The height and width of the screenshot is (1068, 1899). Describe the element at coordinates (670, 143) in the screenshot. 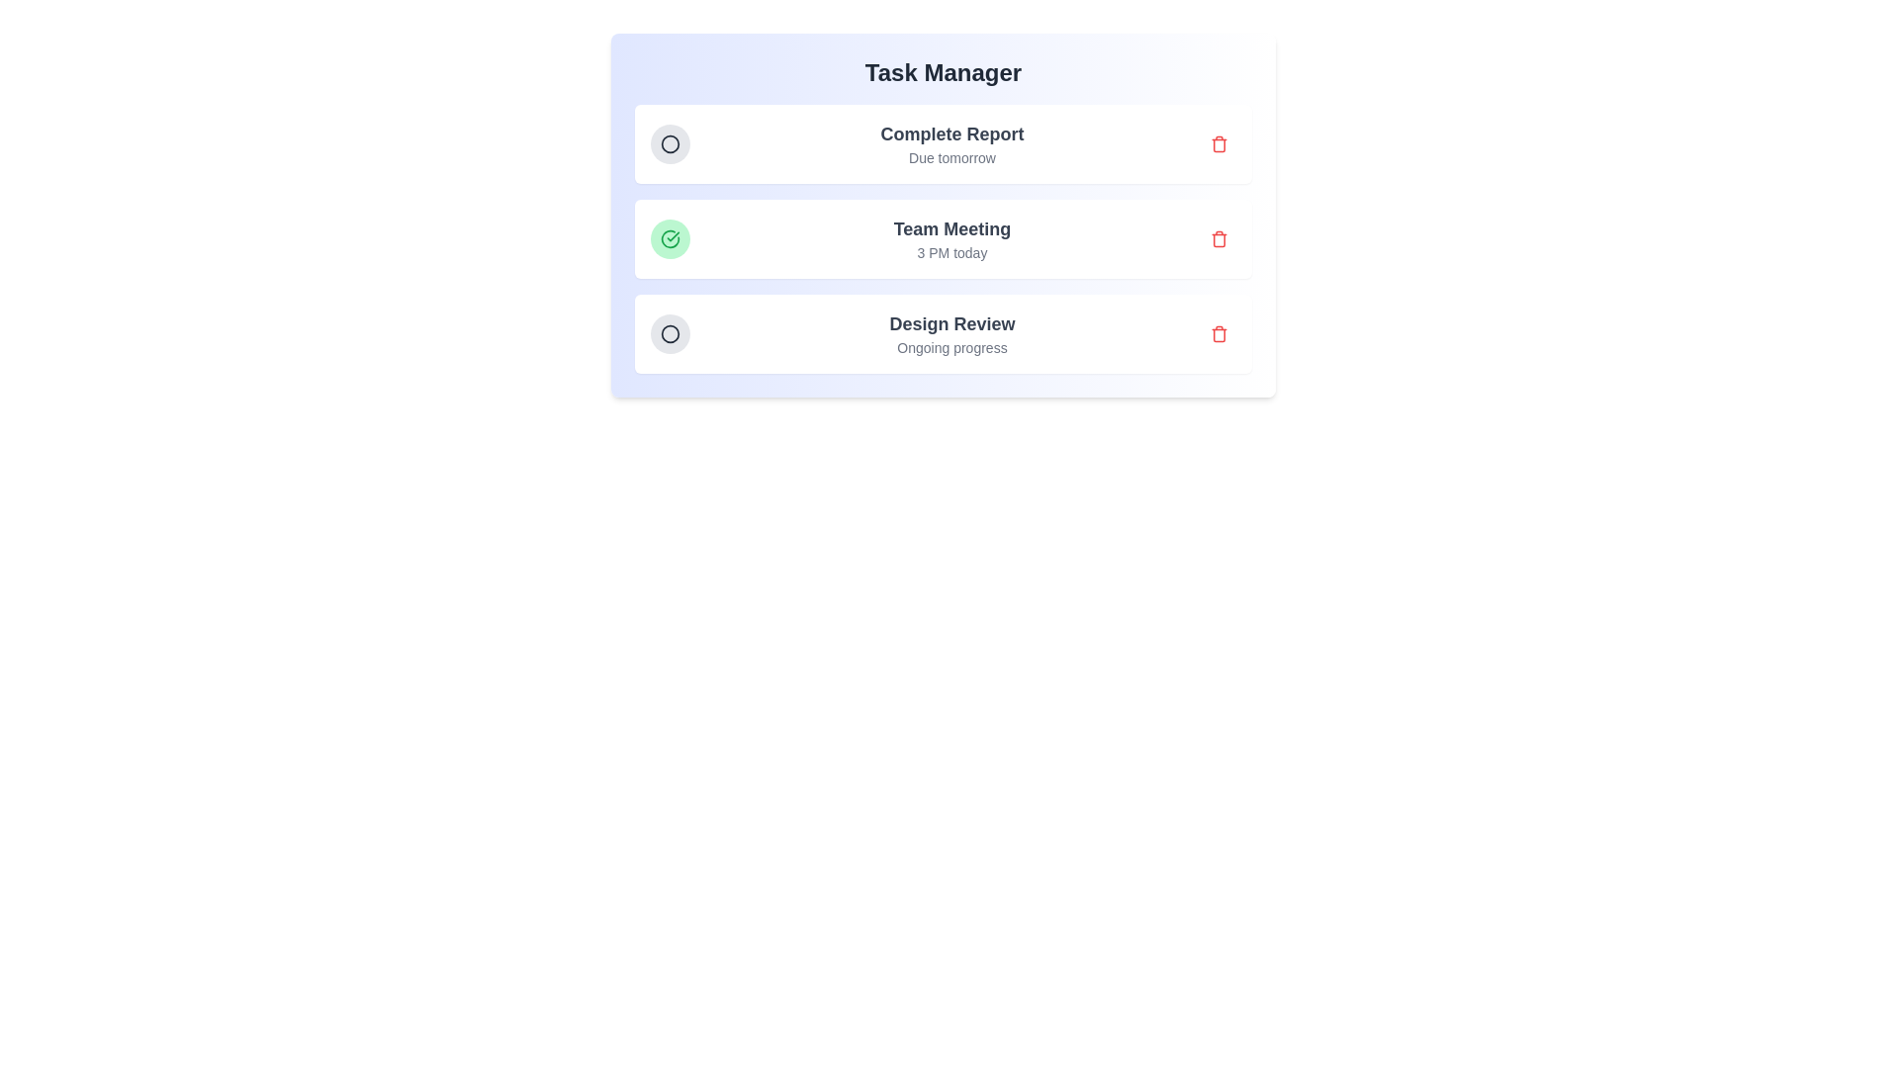

I see `the circular button with a light gray background and dark outline in the top-left corner of the 'Complete Report' task card to mark the task as active or complete` at that location.